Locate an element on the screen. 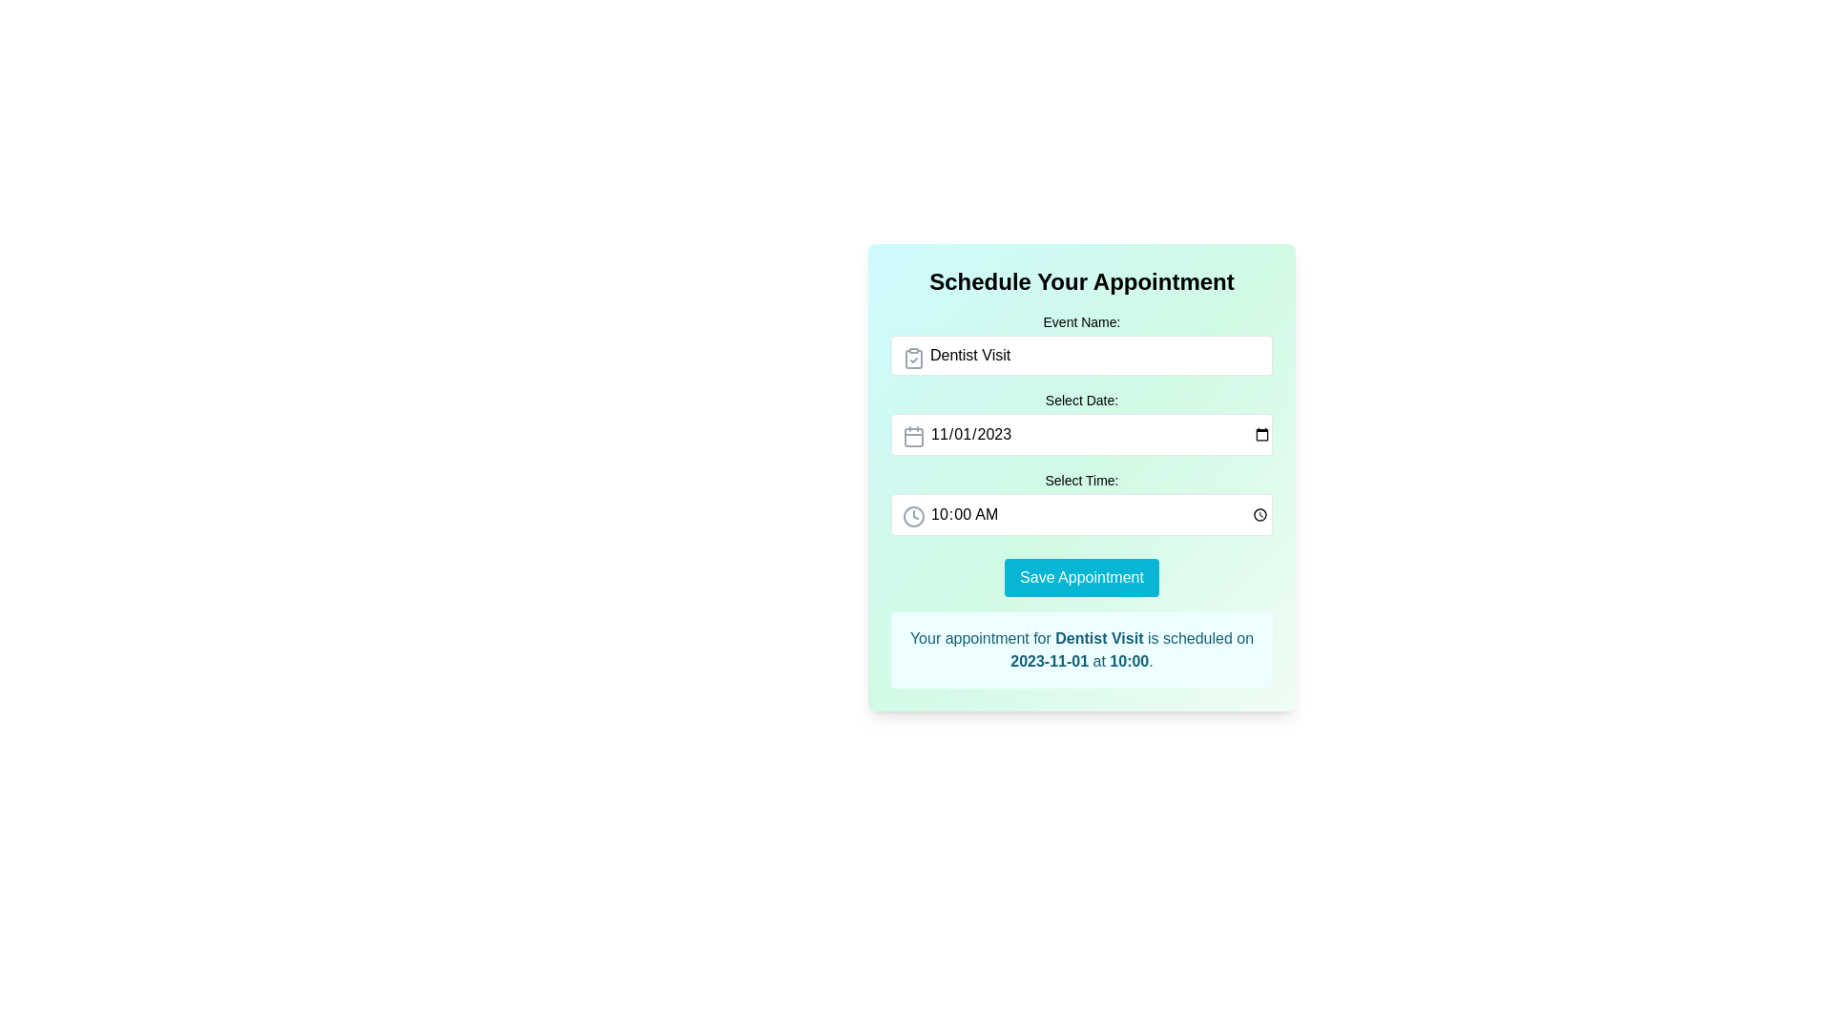 The width and height of the screenshot is (1832, 1030). the clock icon, which is a line-drawn gray circular outline with hands indicating the time, positioned to the left of the time input field labeled 'Select Time:' is located at coordinates (913, 517).